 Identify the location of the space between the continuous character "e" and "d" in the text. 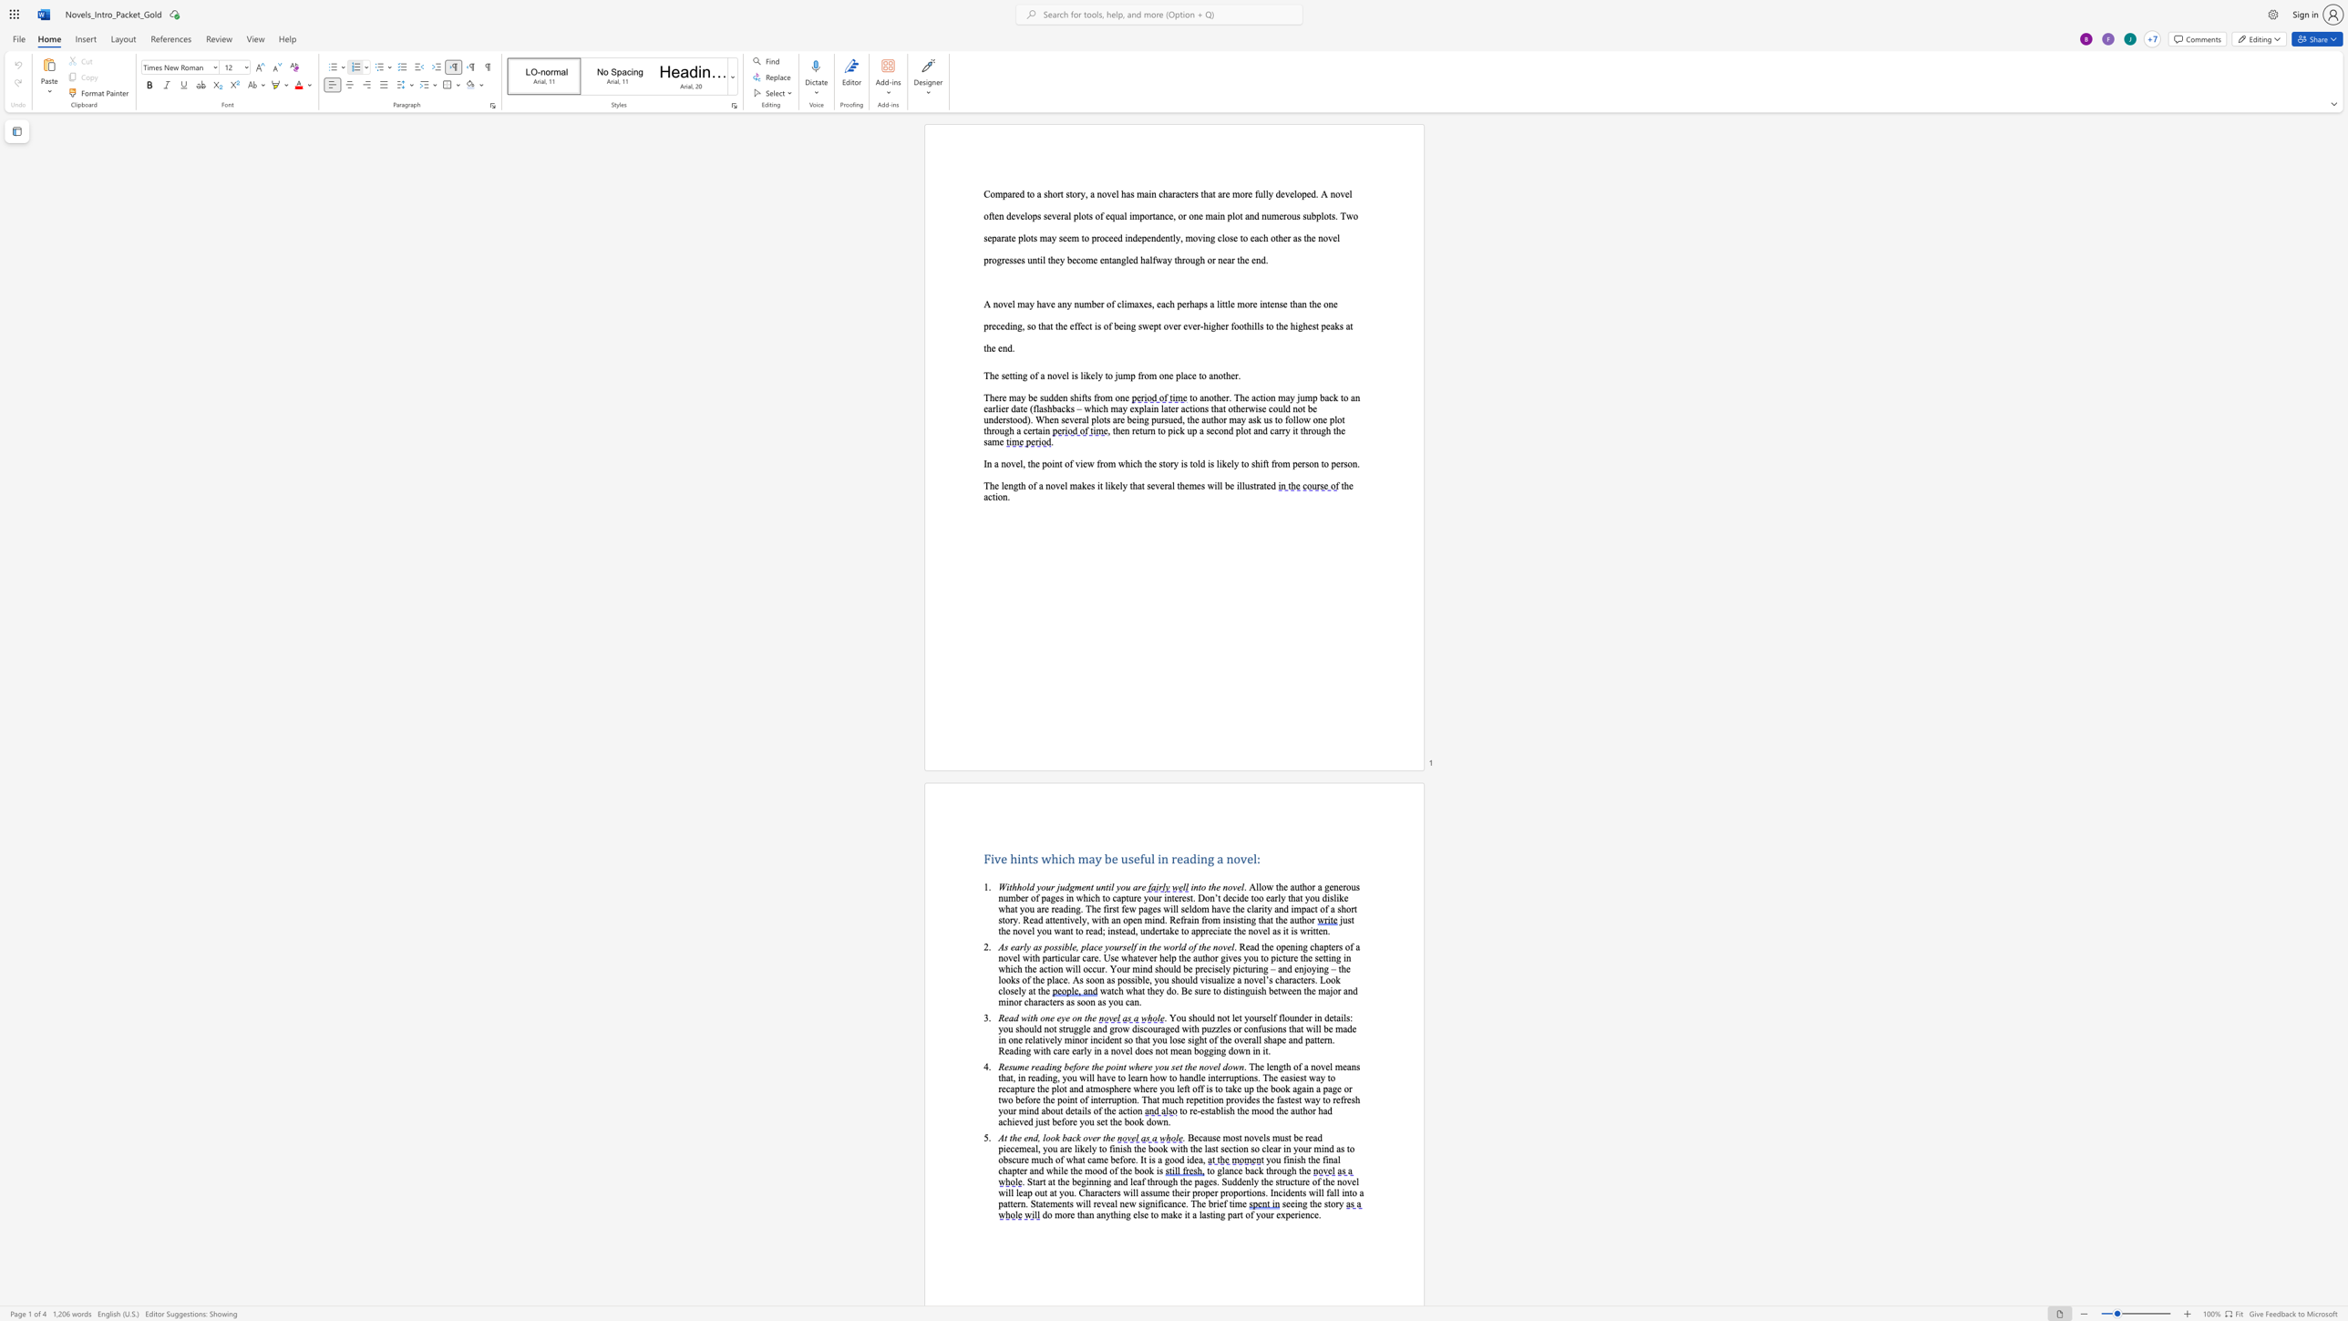
(1027, 1121).